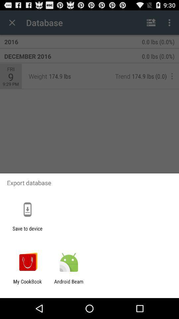 The width and height of the screenshot is (179, 319). Describe the element at coordinates (68, 284) in the screenshot. I see `the app next to the my cookbook` at that location.